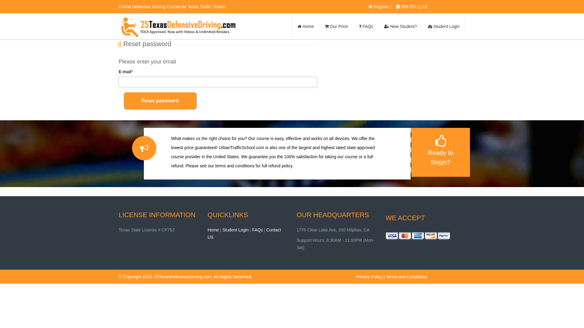  What do you see at coordinates (440, 152) in the screenshot?
I see `'Ready to Begin?'` at bounding box center [440, 152].